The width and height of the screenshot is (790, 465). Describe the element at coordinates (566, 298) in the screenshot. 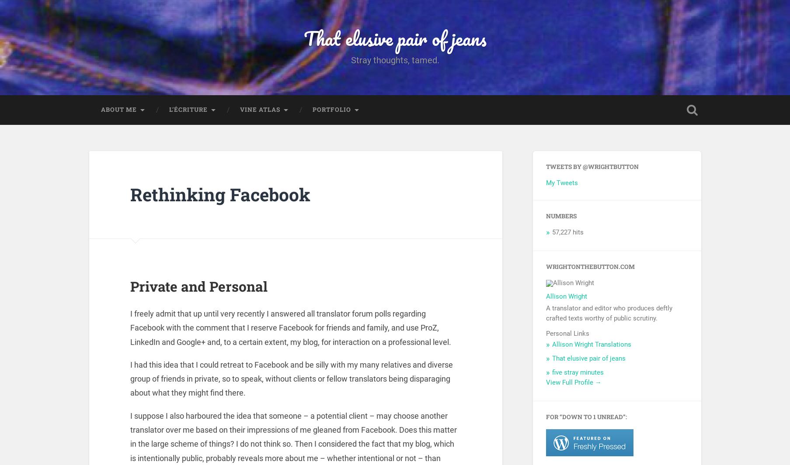

I see `'Allison Wright'` at that location.